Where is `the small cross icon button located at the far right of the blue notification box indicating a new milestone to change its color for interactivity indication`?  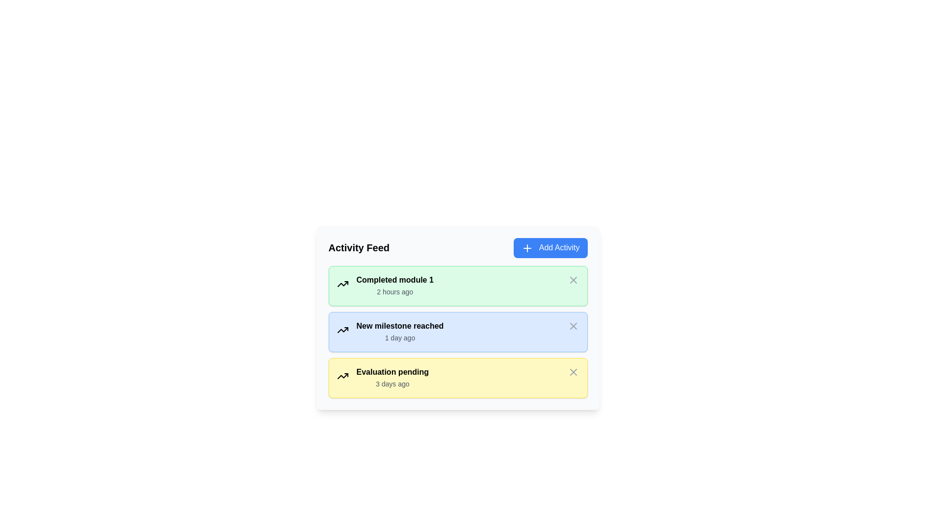 the small cross icon button located at the far right of the blue notification box indicating a new milestone to change its color for interactivity indication is located at coordinates (573, 326).